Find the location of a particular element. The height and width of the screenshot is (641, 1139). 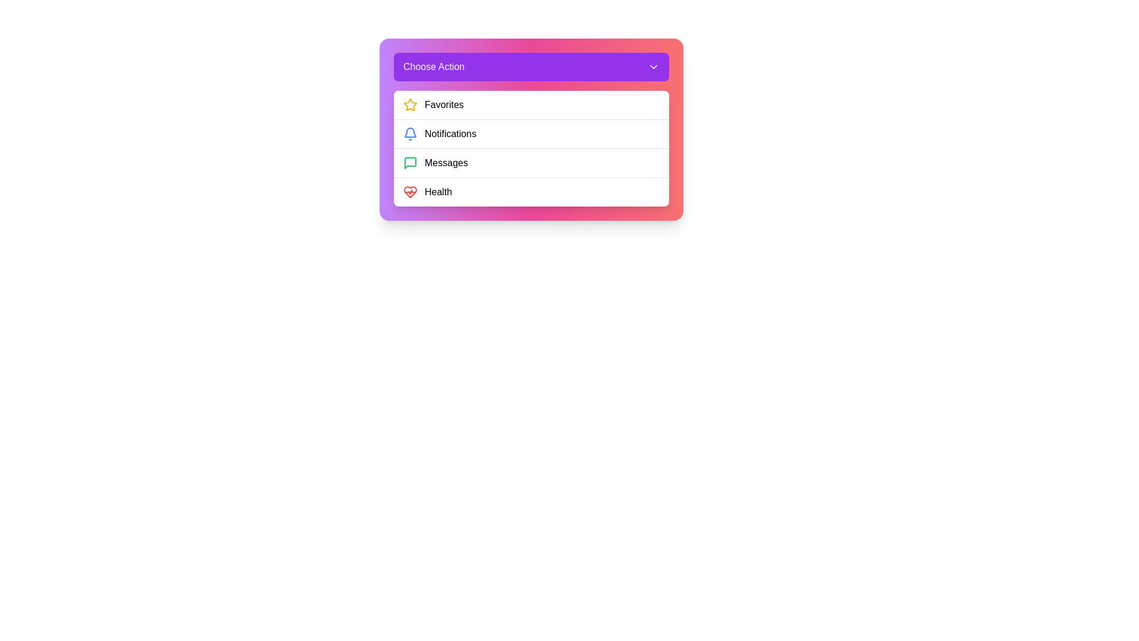

the second item in the dropdown menu, which is located below 'Favorites' and above 'Messages' is located at coordinates (531, 148).